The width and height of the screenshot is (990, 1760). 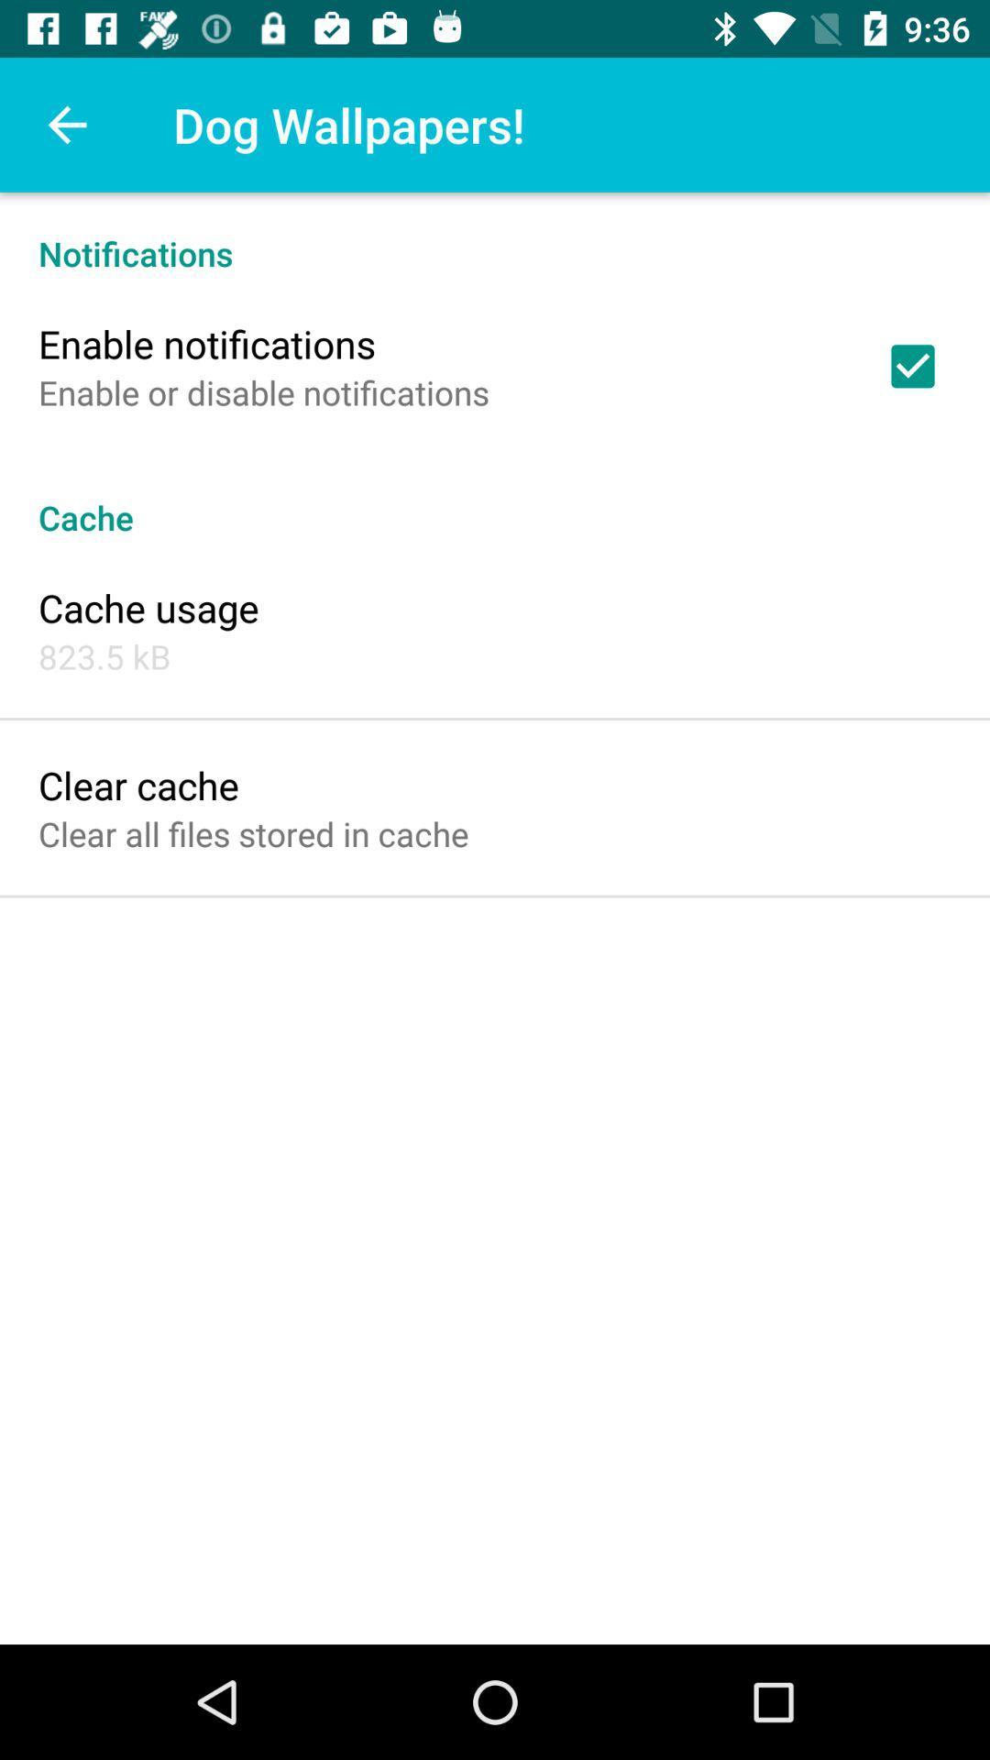 What do you see at coordinates (912, 366) in the screenshot?
I see `icon above the cache icon` at bounding box center [912, 366].